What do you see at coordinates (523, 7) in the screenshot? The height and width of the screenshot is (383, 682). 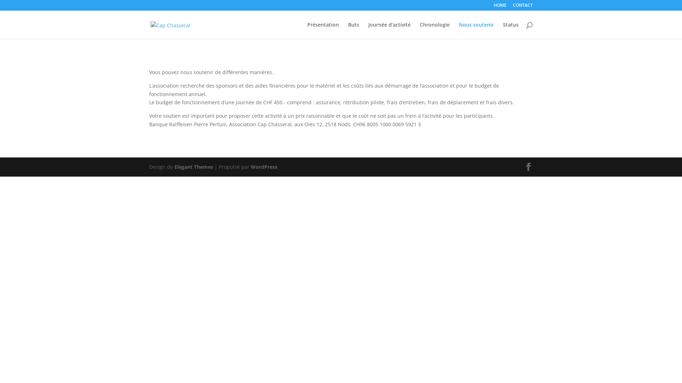 I see `'CONTACT'` at bounding box center [523, 7].